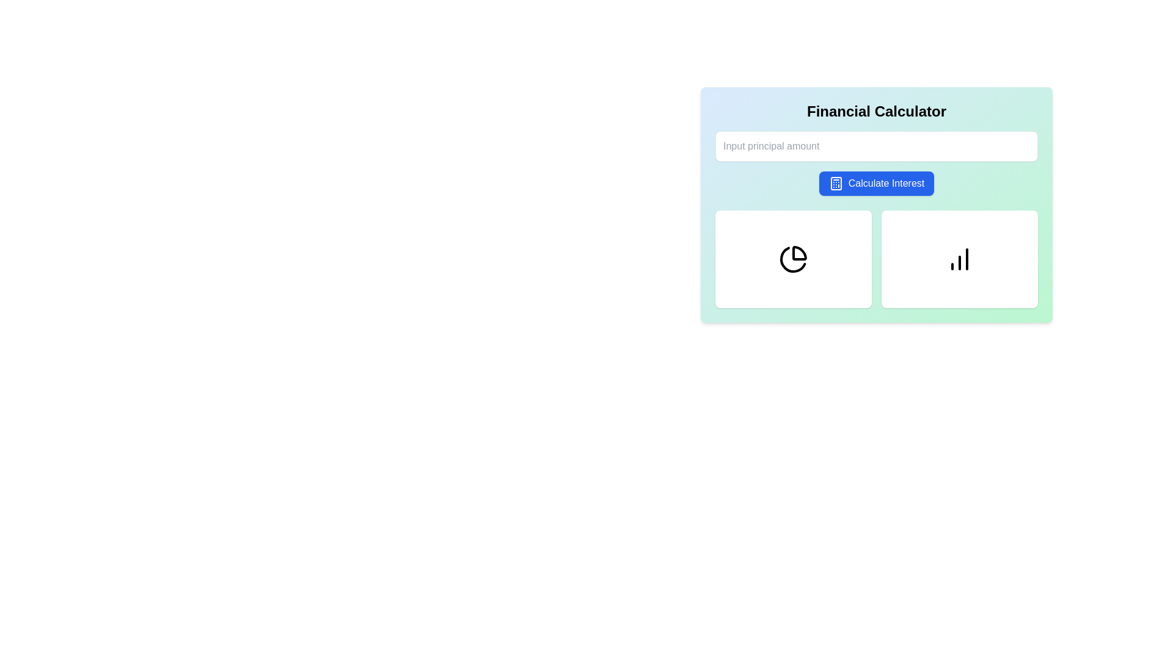 The width and height of the screenshot is (1173, 659). Describe the element at coordinates (794, 258) in the screenshot. I see `the SVG pie chart icon located in the financial calculator interface, which is the first icon in the left section beneath the 'Calculate Interest' button` at that location.